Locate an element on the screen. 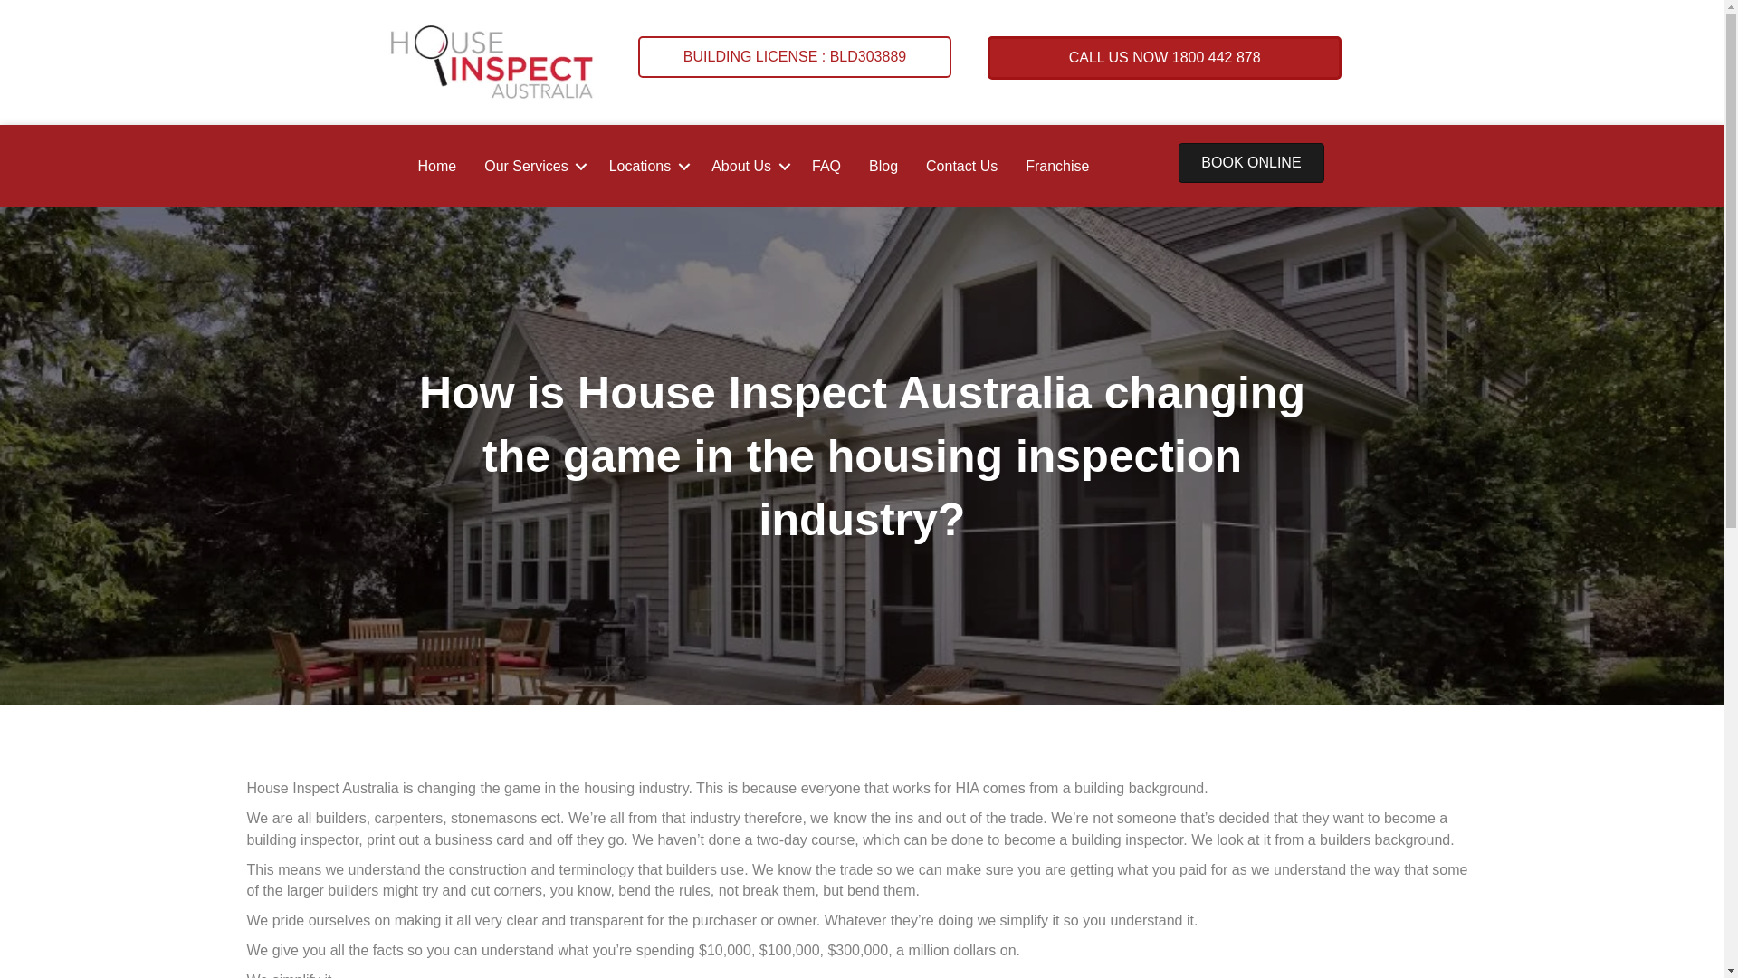 The height and width of the screenshot is (978, 1738). 'Our Services' is located at coordinates (531, 166).